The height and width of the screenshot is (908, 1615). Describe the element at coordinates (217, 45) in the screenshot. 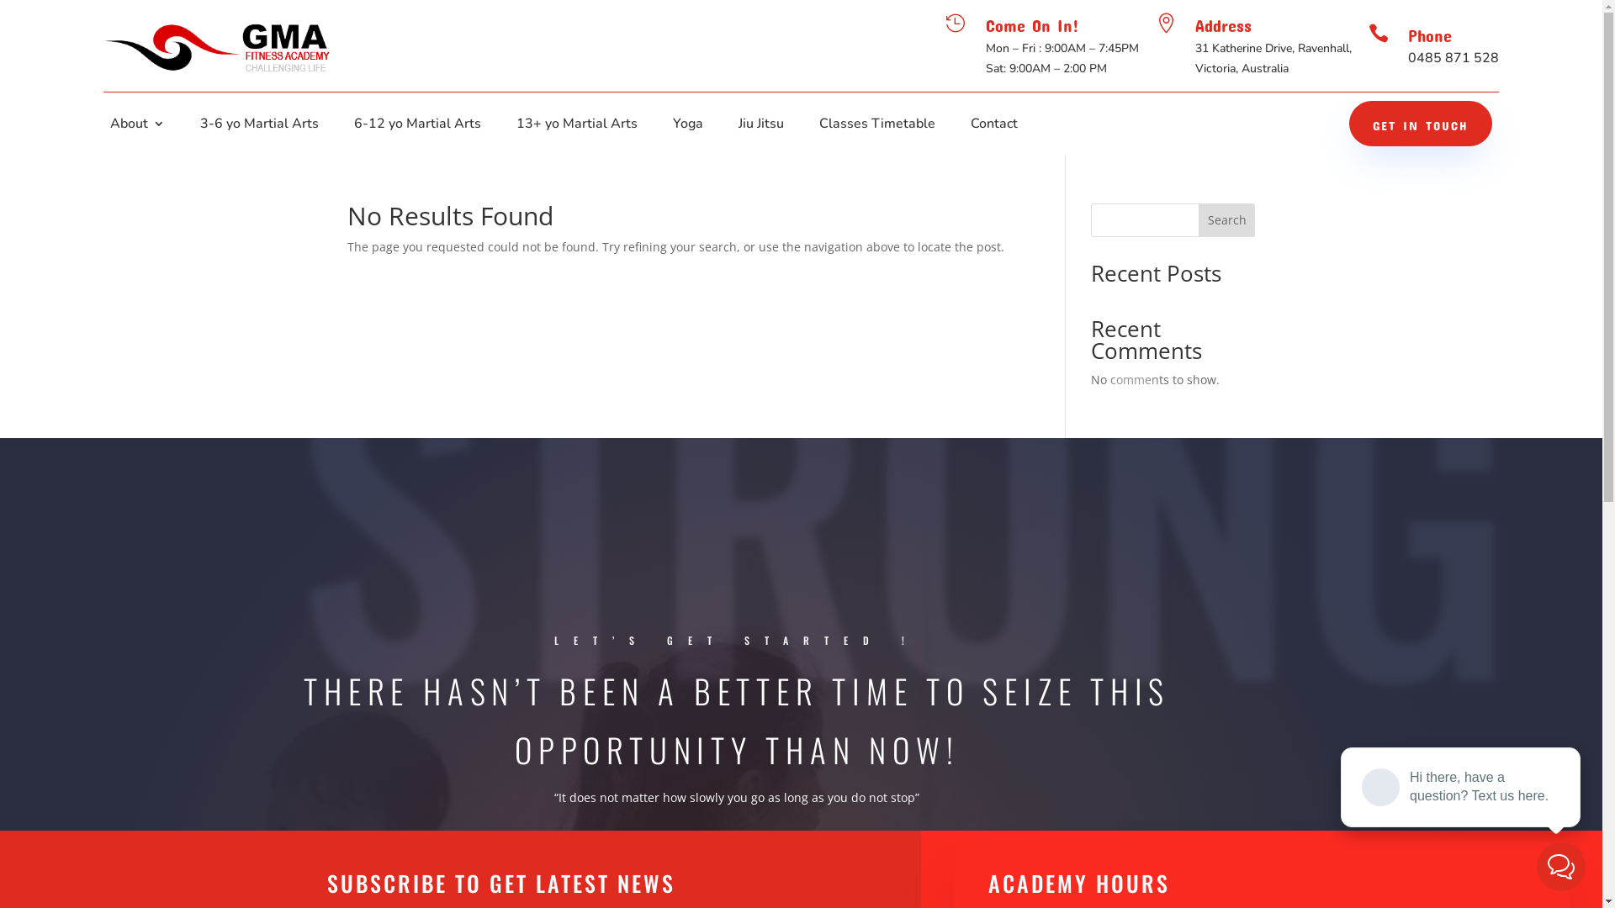

I see `'logo-'` at that location.